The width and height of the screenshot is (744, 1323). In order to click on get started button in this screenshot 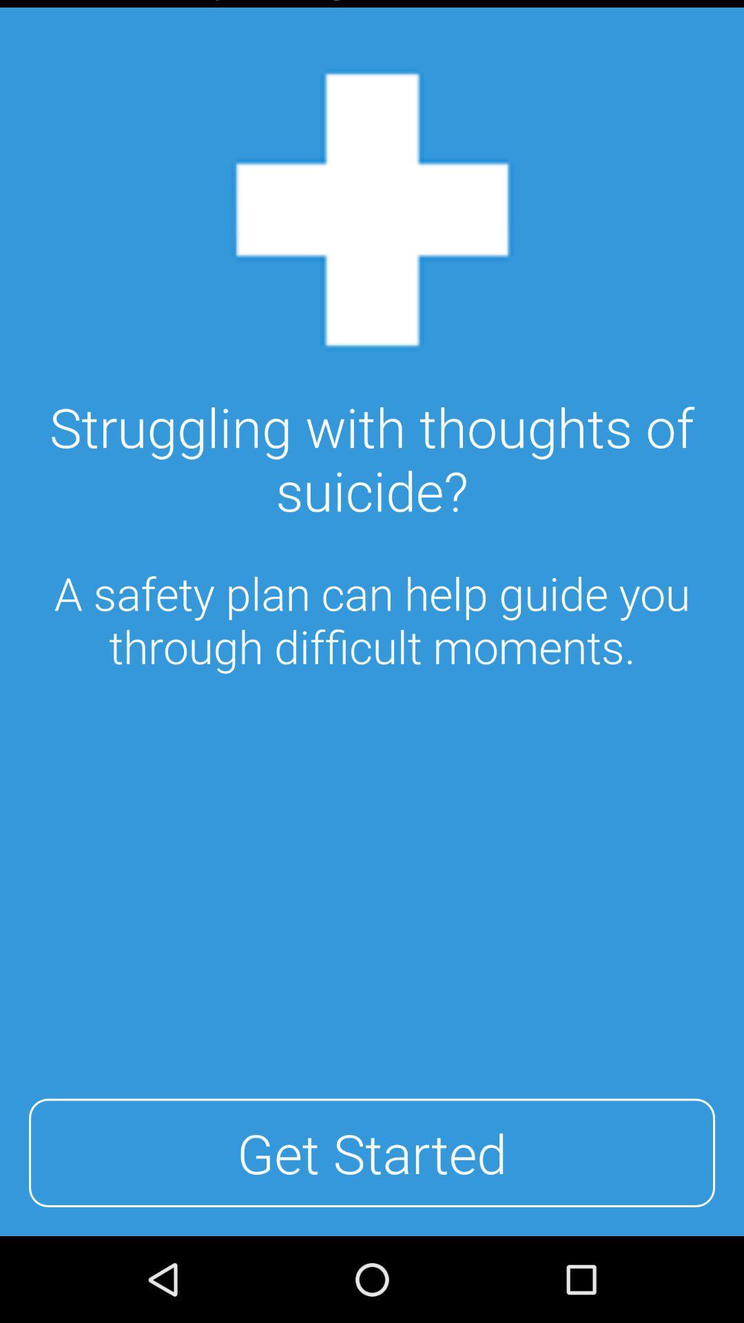, I will do `click(372, 1153)`.